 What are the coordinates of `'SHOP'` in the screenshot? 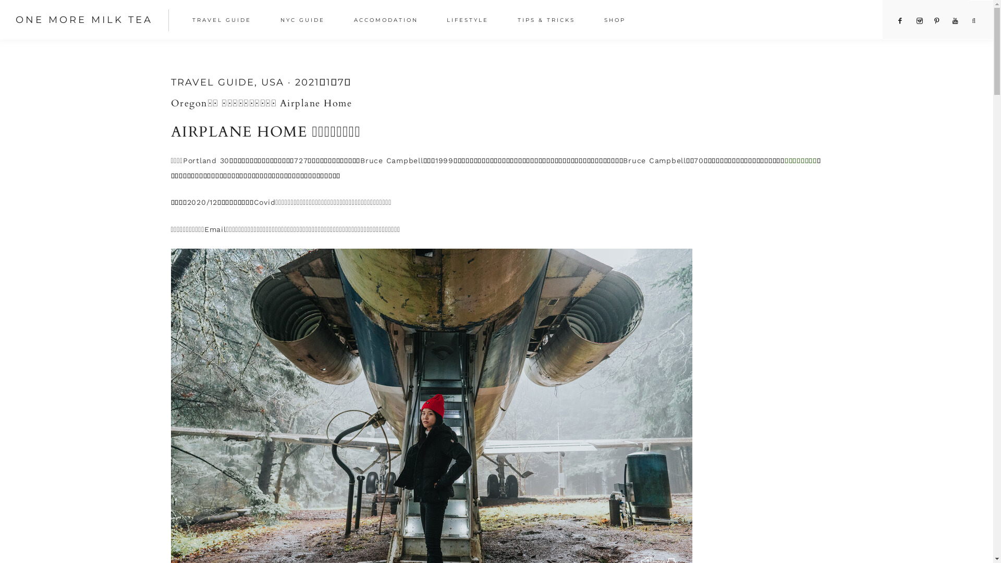 It's located at (617, 21).